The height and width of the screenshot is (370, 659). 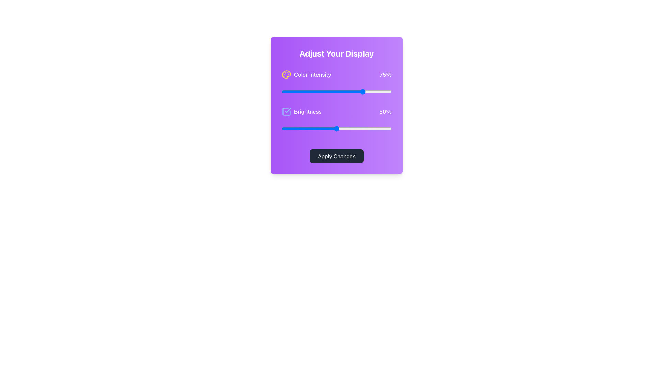 What do you see at coordinates (336, 156) in the screenshot?
I see `the 'Apply Changes' button, which is a rectangular button with white text on a dark gray background, located at the bottom center of a purple gradient modal` at bounding box center [336, 156].